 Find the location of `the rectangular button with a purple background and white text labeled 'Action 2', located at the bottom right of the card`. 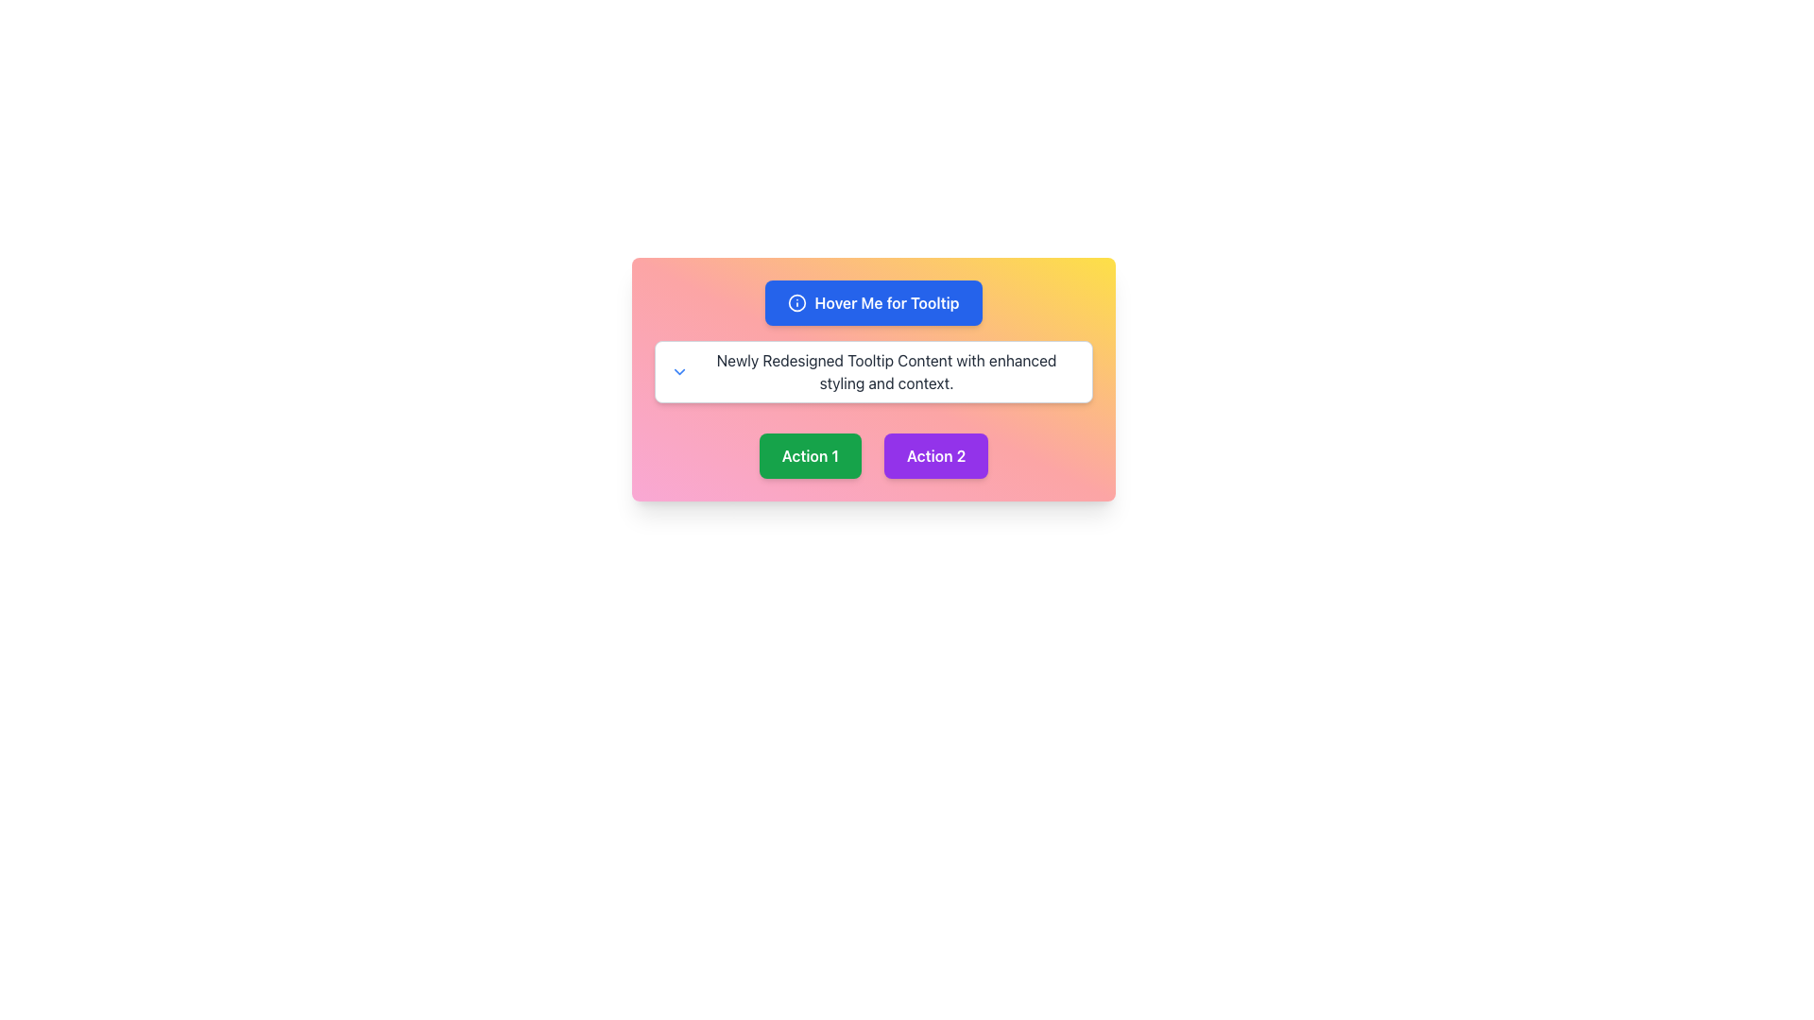

the rectangular button with a purple background and white text labeled 'Action 2', located at the bottom right of the card is located at coordinates (935, 455).